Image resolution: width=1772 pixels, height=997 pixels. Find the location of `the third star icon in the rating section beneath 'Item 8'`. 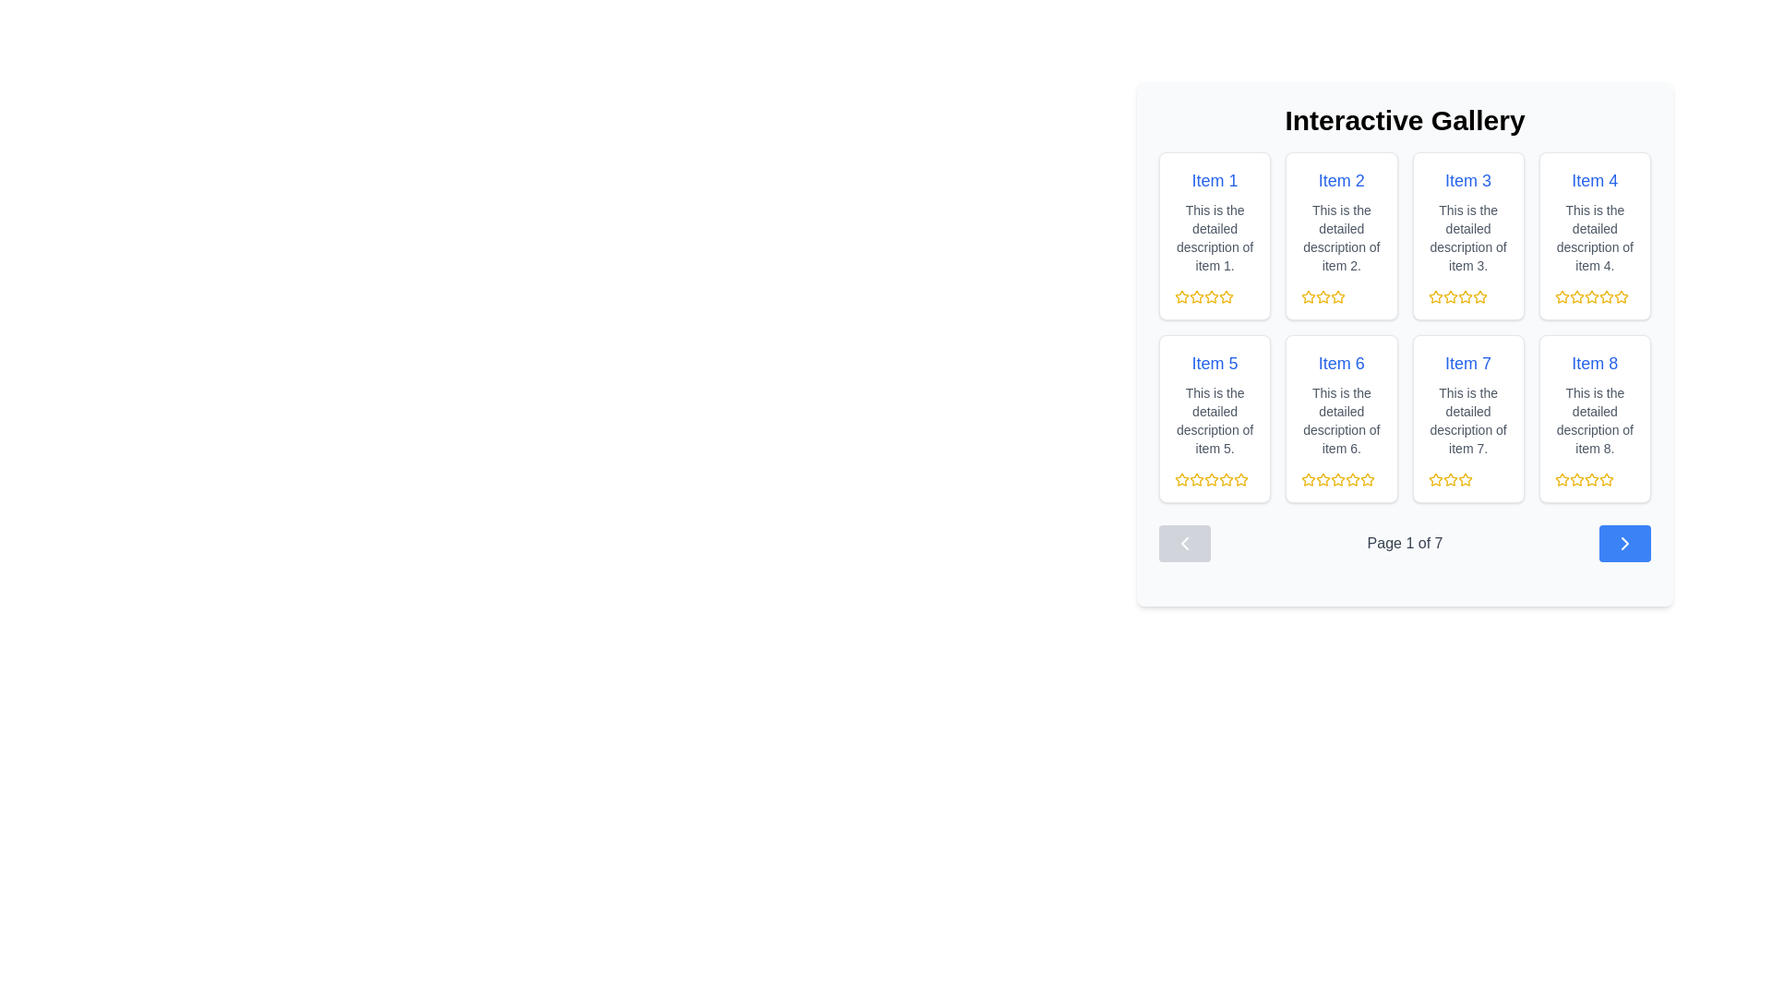

the third star icon in the rating section beneath 'Item 8' is located at coordinates (1575, 479).